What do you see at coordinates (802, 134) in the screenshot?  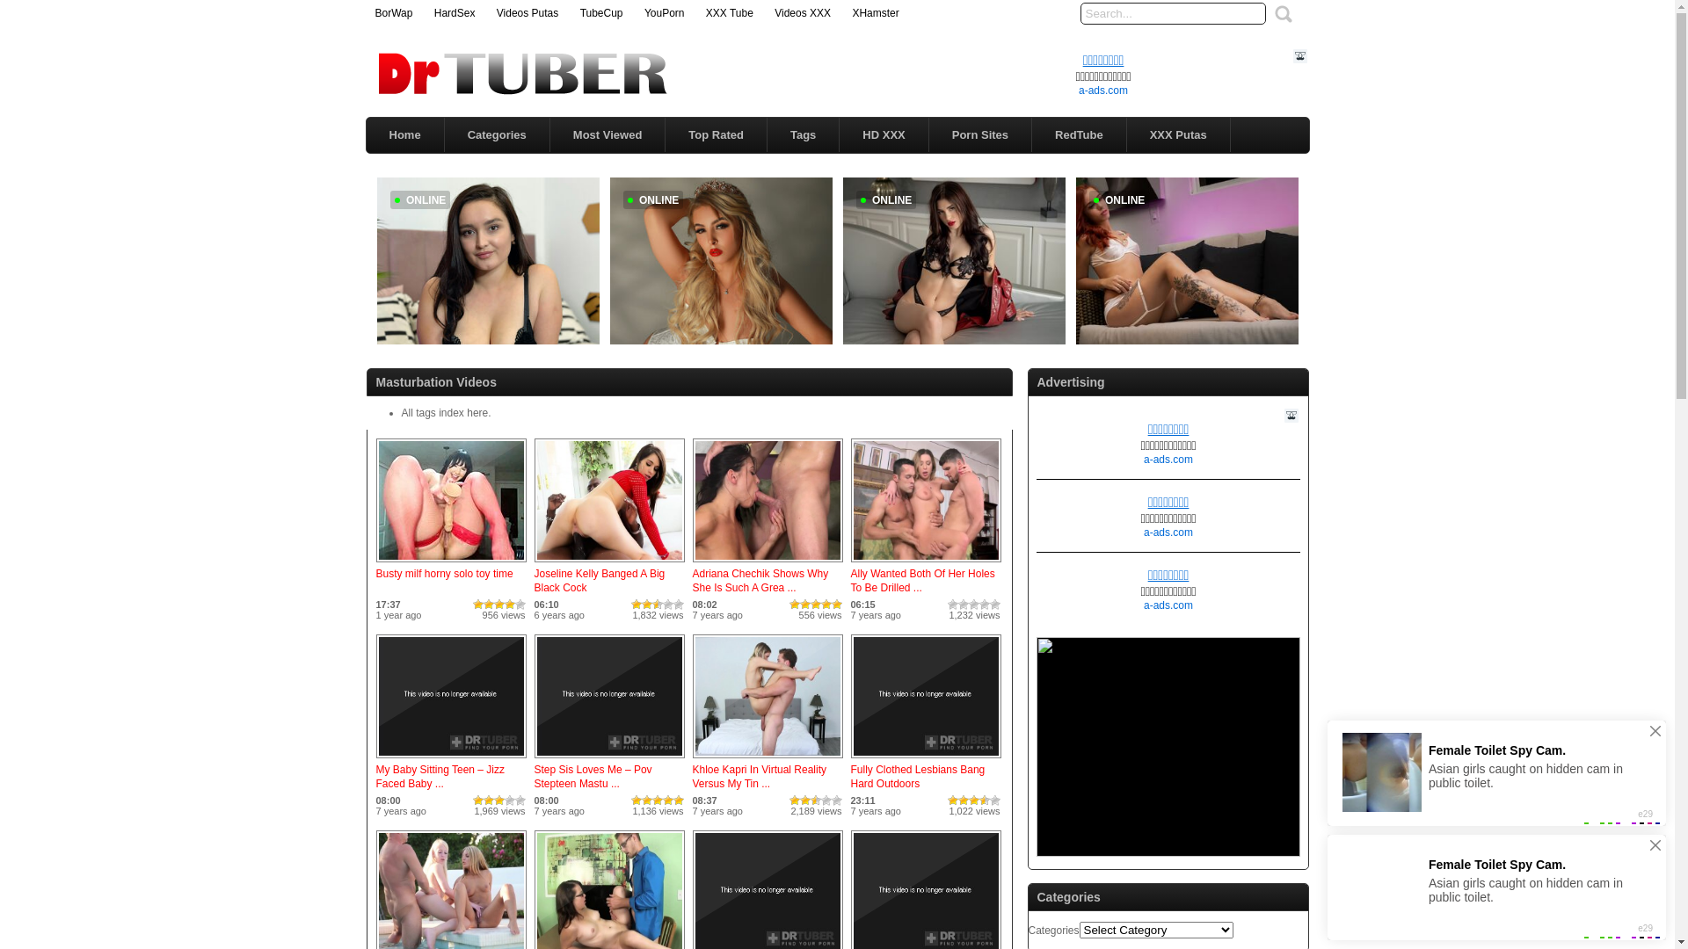 I see `'Tags'` at bounding box center [802, 134].